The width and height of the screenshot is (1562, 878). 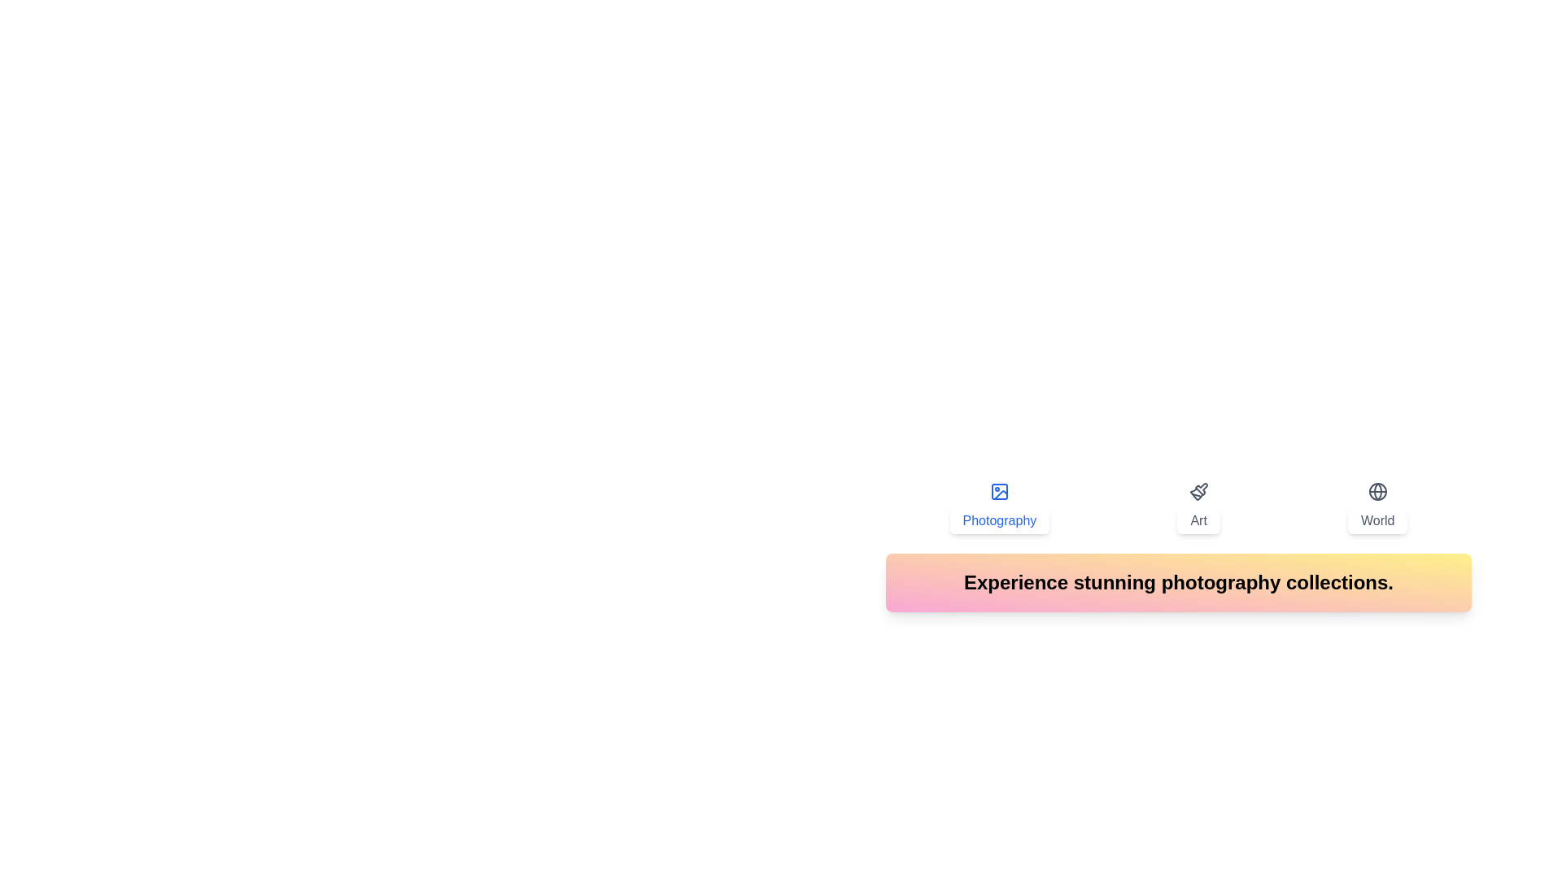 What do you see at coordinates (1198, 506) in the screenshot?
I see `the tab labeled Art` at bounding box center [1198, 506].